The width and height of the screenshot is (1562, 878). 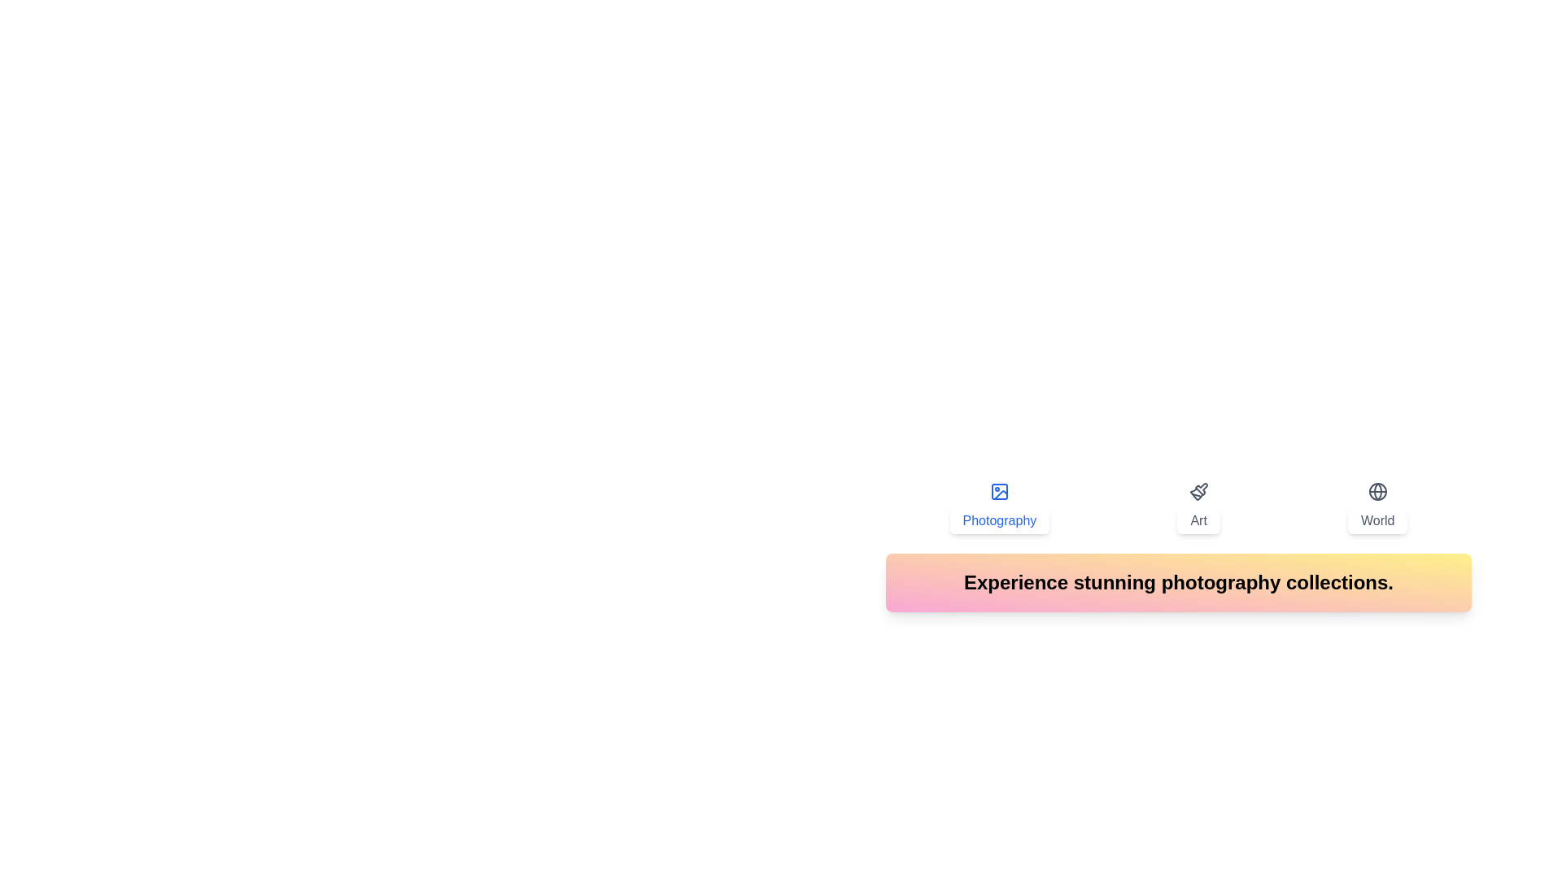 What do you see at coordinates (1198, 506) in the screenshot?
I see `the tab labeled Art` at bounding box center [1198, 506].